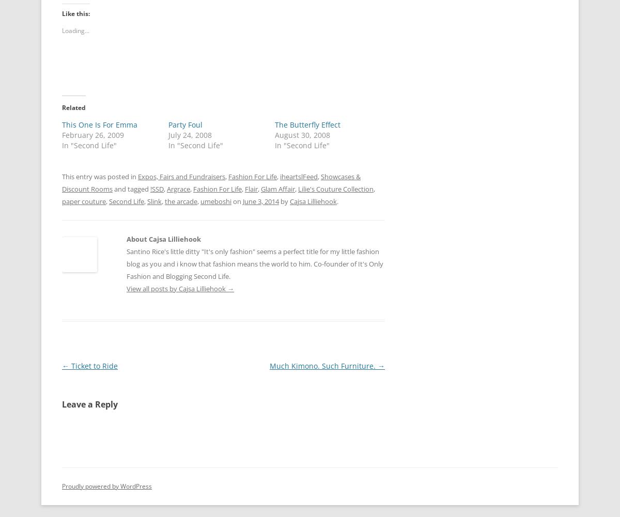 Image resolution: width=620 pixels, height=517 pixels. Describe the element at coordinates (154, 200) in the screenshot. I see `'Slink'` at that location.